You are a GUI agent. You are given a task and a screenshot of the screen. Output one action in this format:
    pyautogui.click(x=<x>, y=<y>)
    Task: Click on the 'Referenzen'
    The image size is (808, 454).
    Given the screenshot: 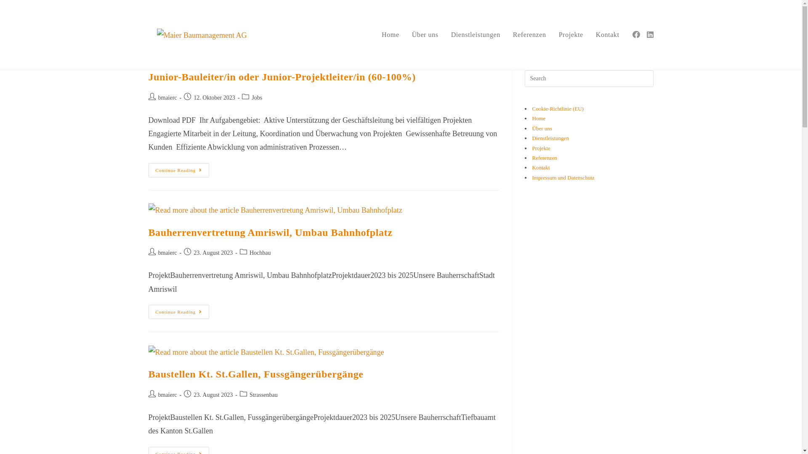 What is the action you would take?
    pyautogui.click(x=544, y=158)
    